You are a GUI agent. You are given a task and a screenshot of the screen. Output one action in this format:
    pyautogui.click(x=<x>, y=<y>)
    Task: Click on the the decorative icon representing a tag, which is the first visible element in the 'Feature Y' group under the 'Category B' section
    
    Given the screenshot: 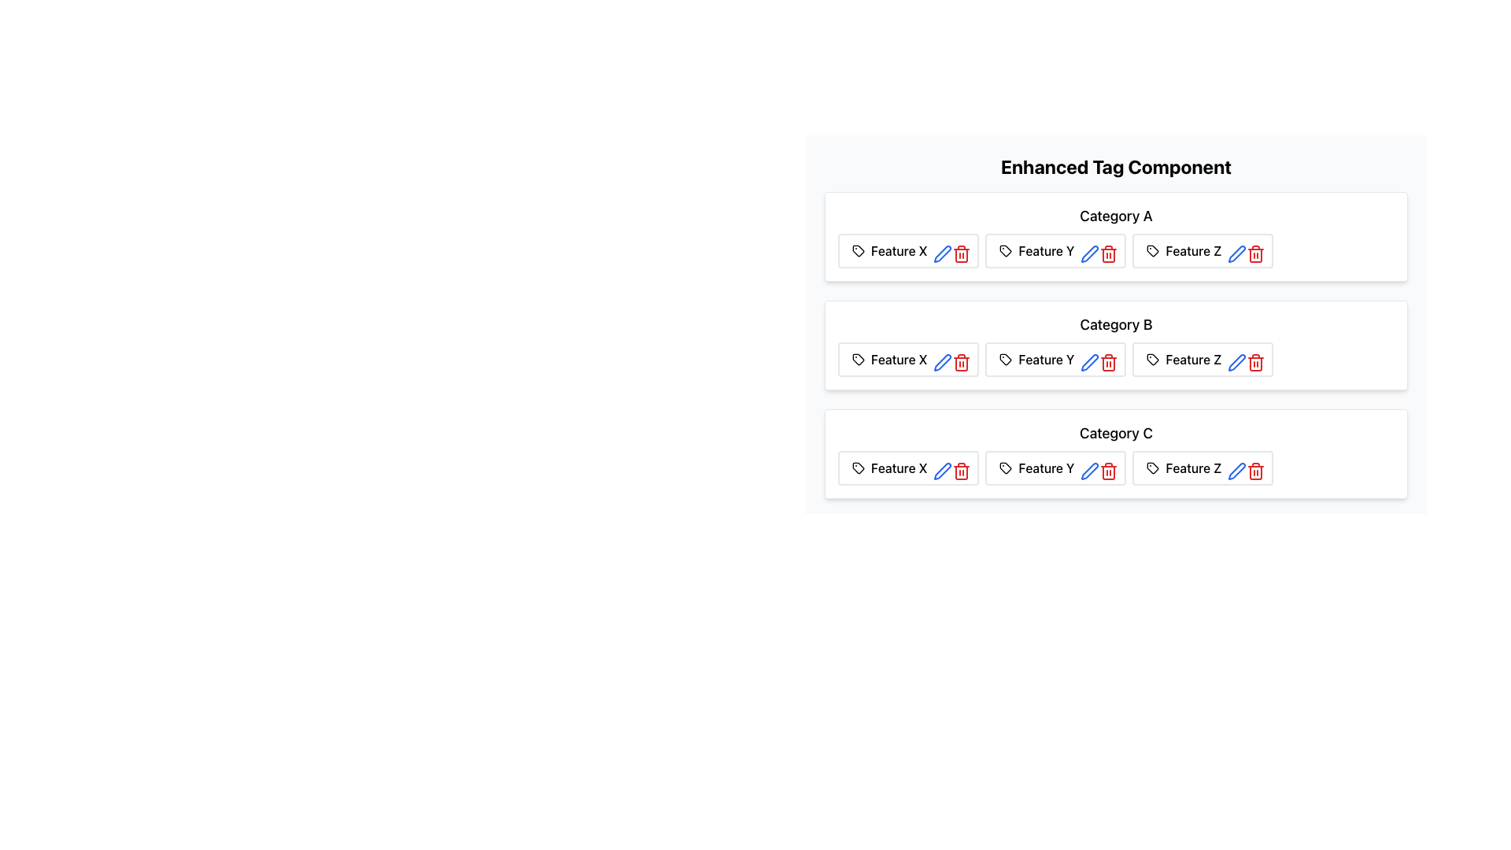 What is the action you would take?
    pyautogui.click(x=1005, y=359)
    